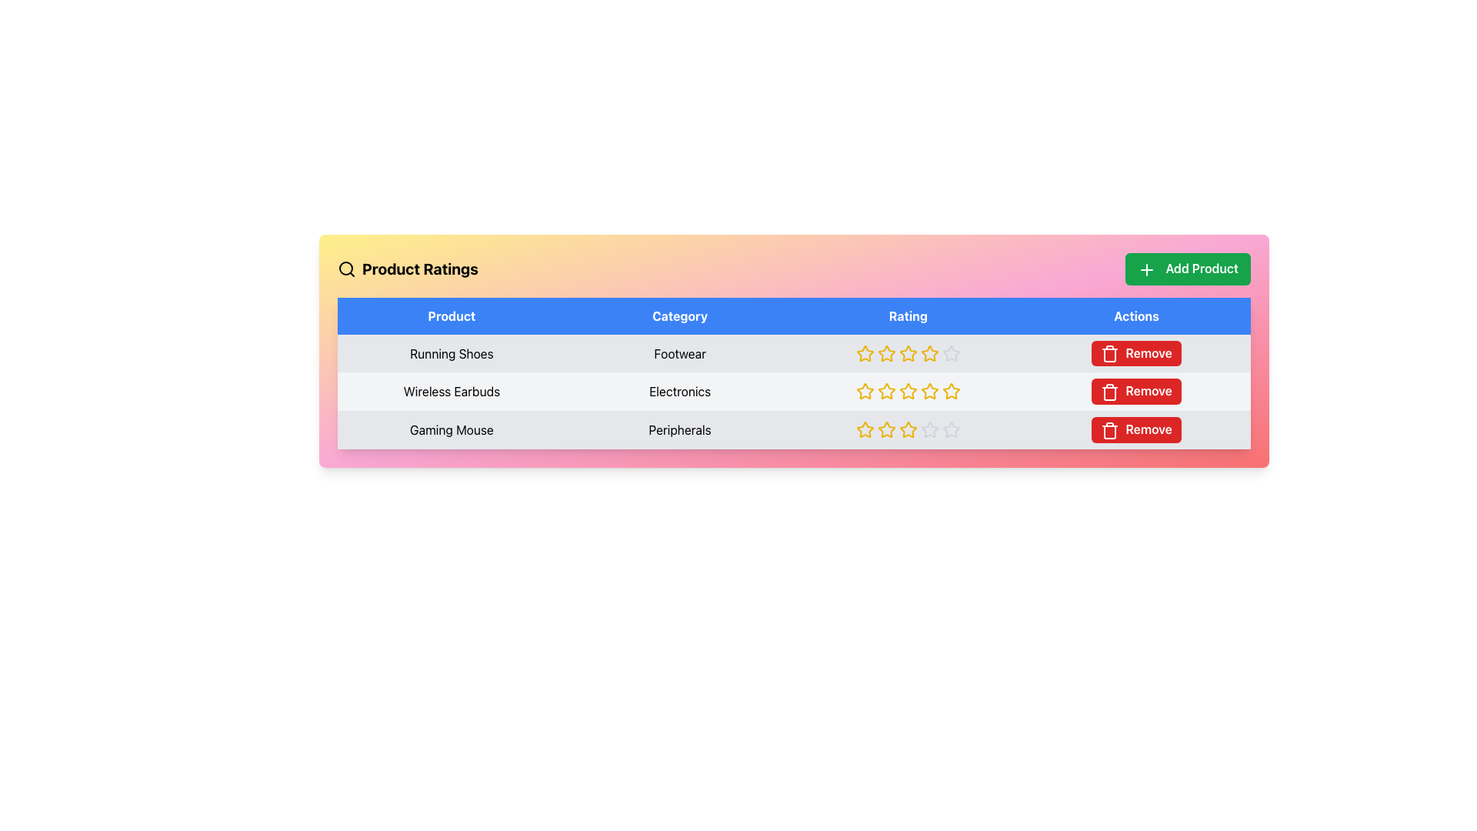 Image resolution: width=1477 pixels, height=831 pixels. Describe the element at coordinates (1110, 355) in the screenshot. I see `the 'Remove' icon in the 'Actions' section of the table for the product 'Wireless Earbuds'` at that location.